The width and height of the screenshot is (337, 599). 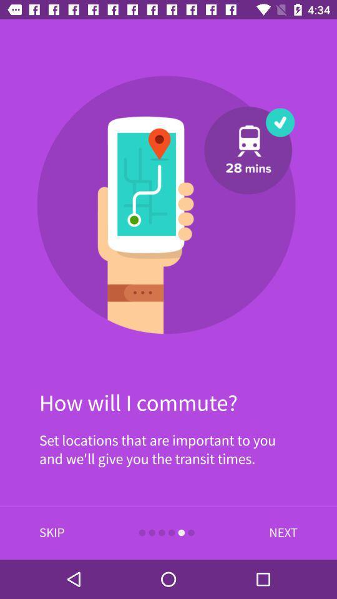 What do you see at coordinates (51, 532) in the screenshot?
I see `the item below the set locations that item` at bounding box center [51, 532].